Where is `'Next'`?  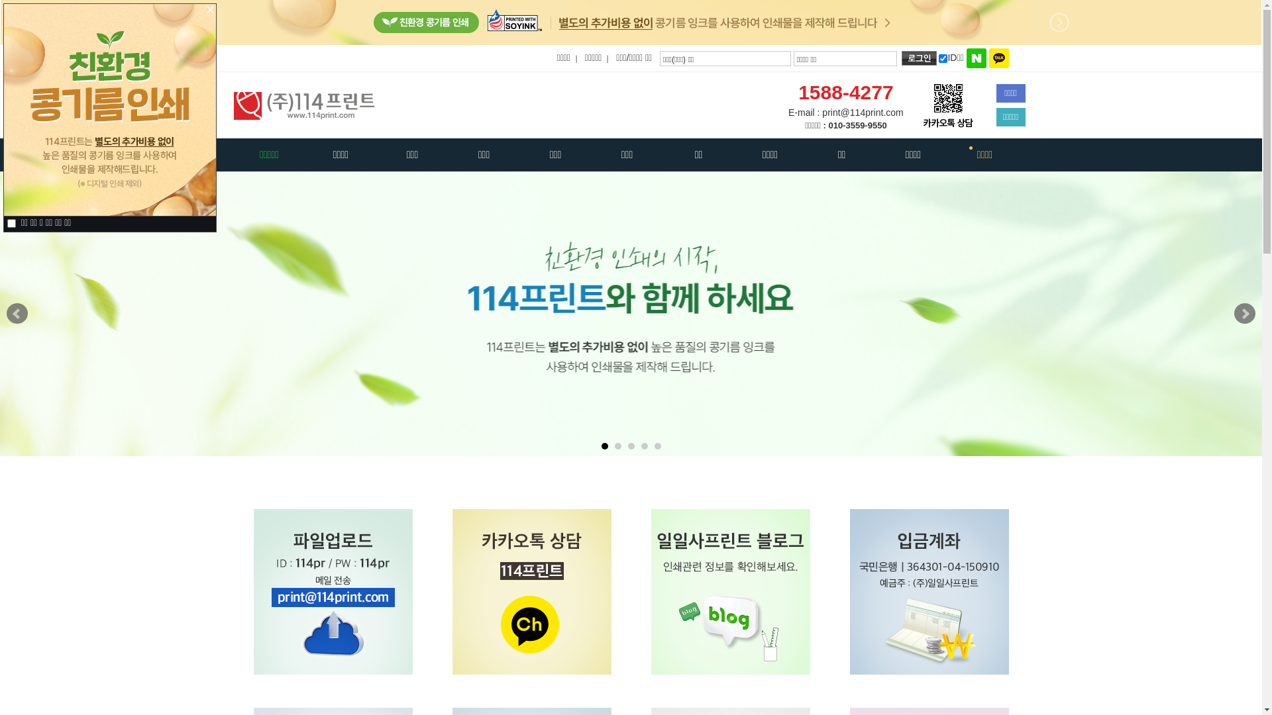 'Next' is located at coordinates (1244, 314).